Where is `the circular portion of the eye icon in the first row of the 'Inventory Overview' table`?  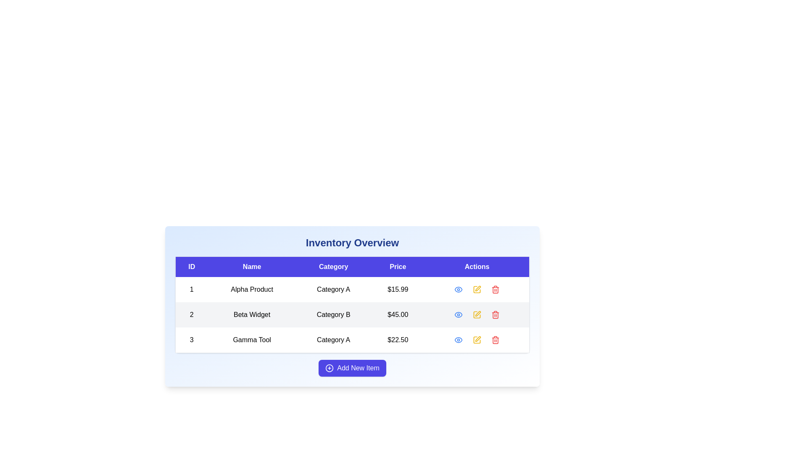
the circular portion of the eye icon in the first row of the 'Inventory Overview' table is located at coordinates (458, 340).